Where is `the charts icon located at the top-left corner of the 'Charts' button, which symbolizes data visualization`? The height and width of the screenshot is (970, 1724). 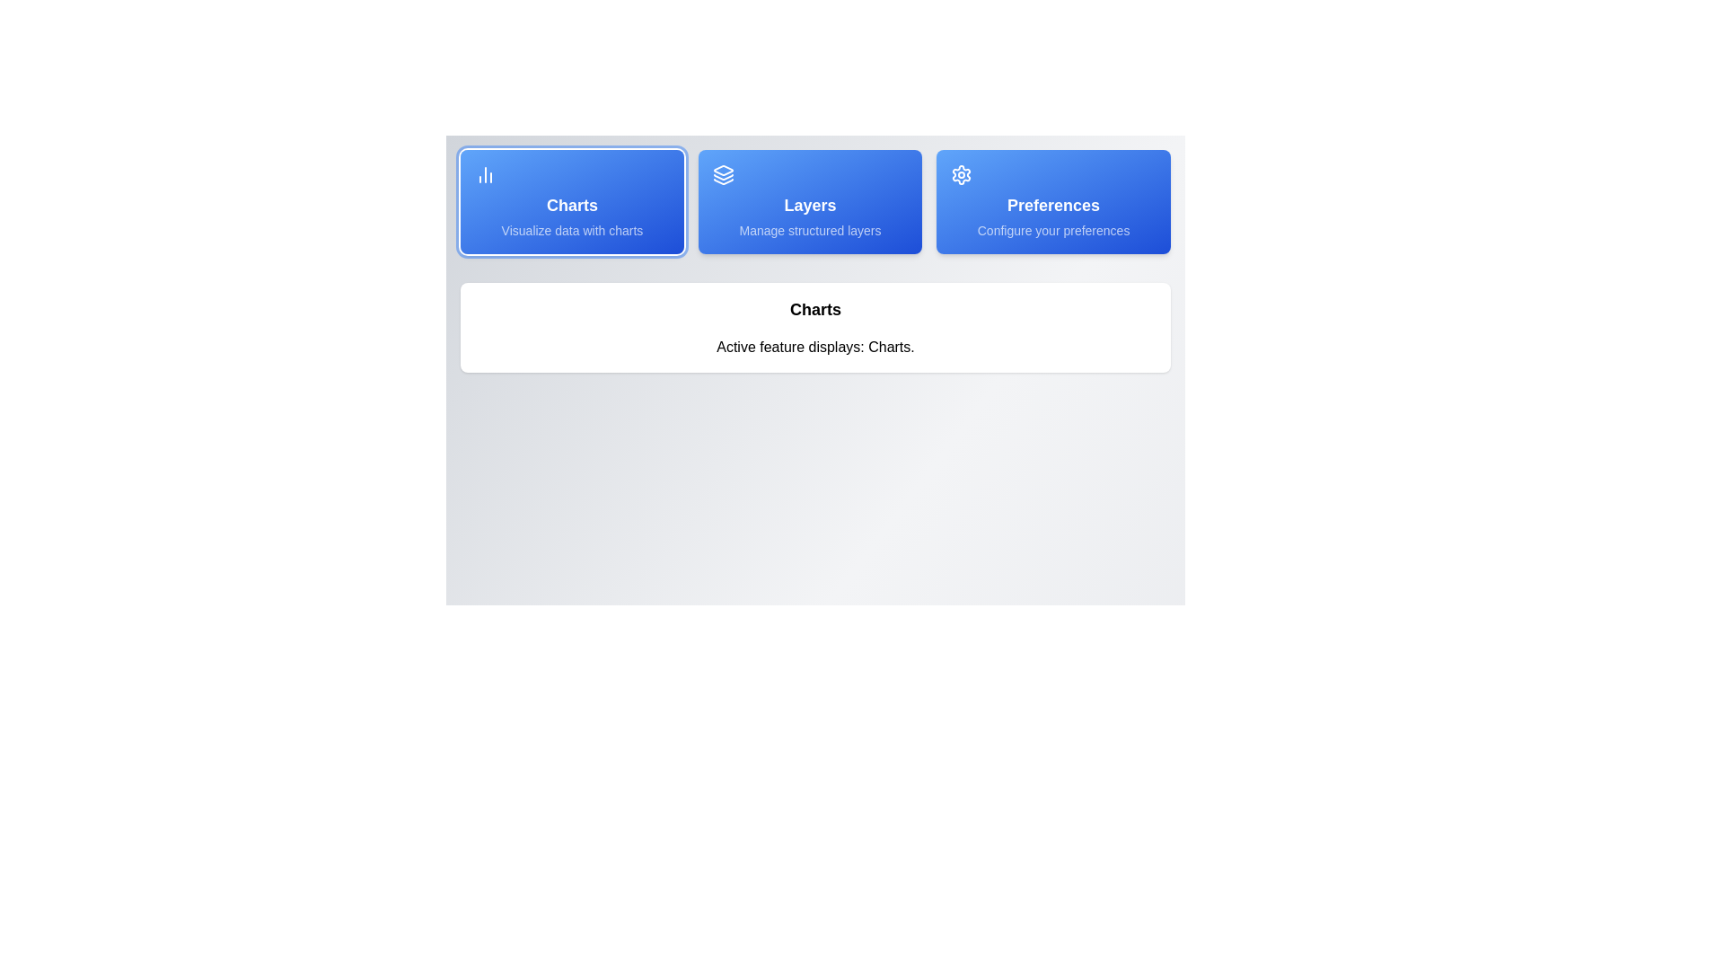
the charts icon located at the top-left corner of the 'Charts' button, which symbolizes data visualization is located at coordinates (486, 175).